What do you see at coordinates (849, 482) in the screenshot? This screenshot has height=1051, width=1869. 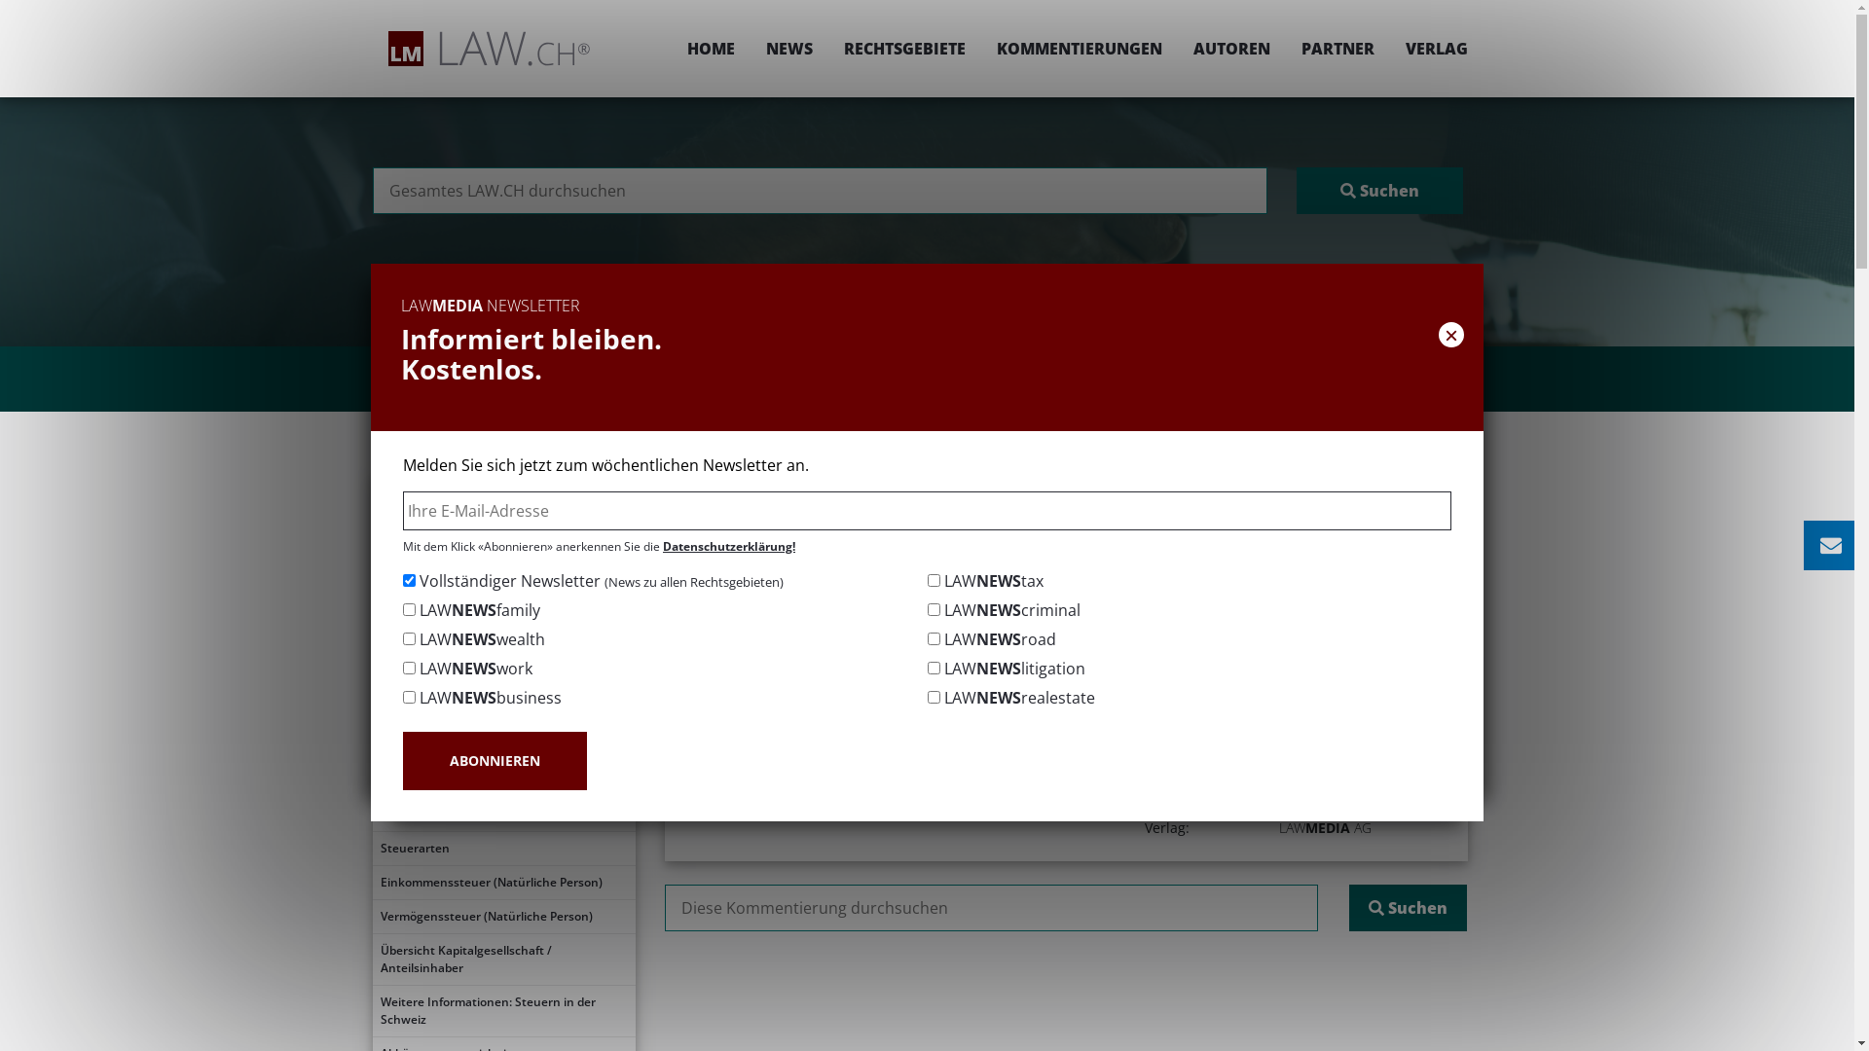 I see `'Rechtsgebiete'` at bounding box center [849, 482].